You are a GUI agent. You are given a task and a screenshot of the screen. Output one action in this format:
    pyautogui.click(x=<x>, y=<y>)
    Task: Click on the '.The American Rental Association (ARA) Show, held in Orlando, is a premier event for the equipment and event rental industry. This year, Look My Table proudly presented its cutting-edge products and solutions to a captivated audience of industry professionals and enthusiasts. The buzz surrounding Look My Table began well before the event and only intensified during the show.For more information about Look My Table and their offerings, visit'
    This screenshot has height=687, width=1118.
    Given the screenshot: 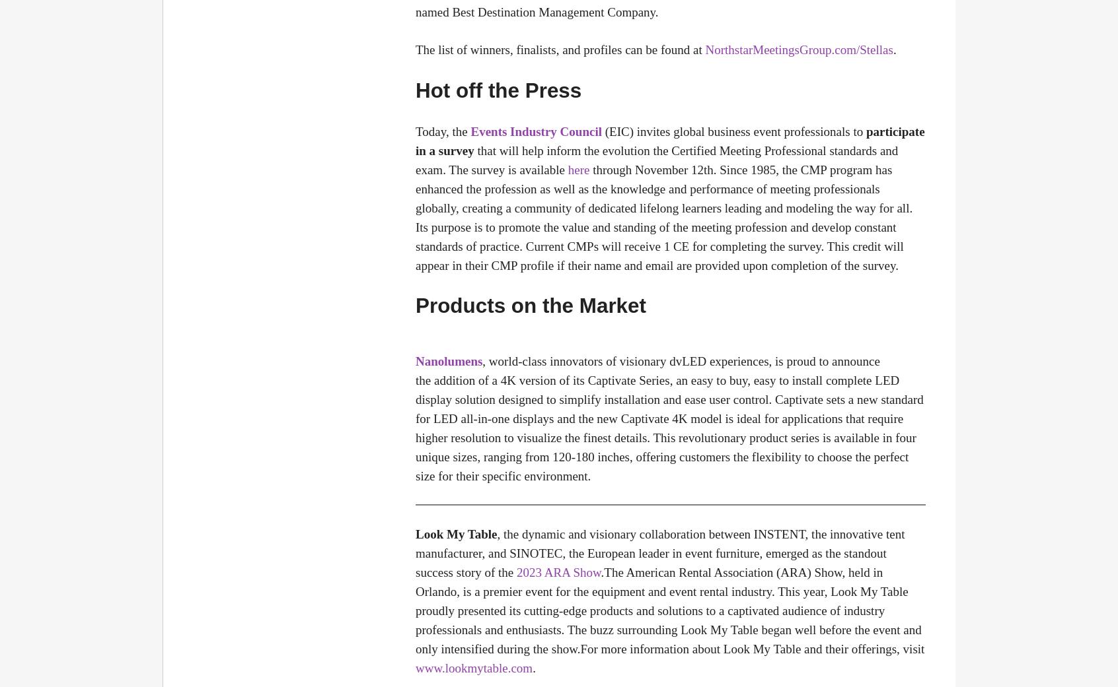 What is the action you would take?
    pyautogui.click(x=669, y=609)
    